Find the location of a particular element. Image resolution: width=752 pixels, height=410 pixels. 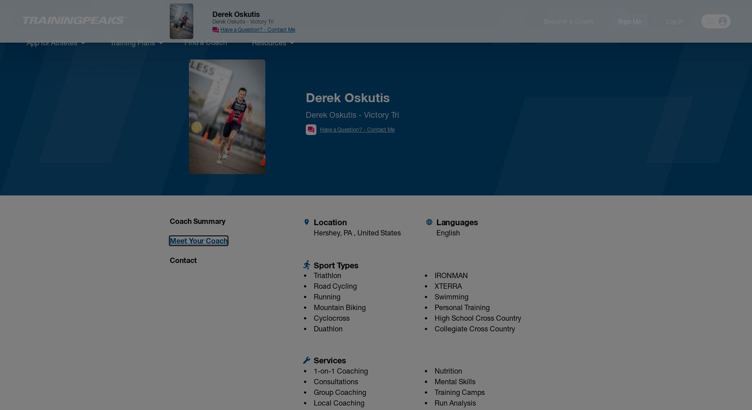

'IRONMAN' is located at coordinates (434, 275).